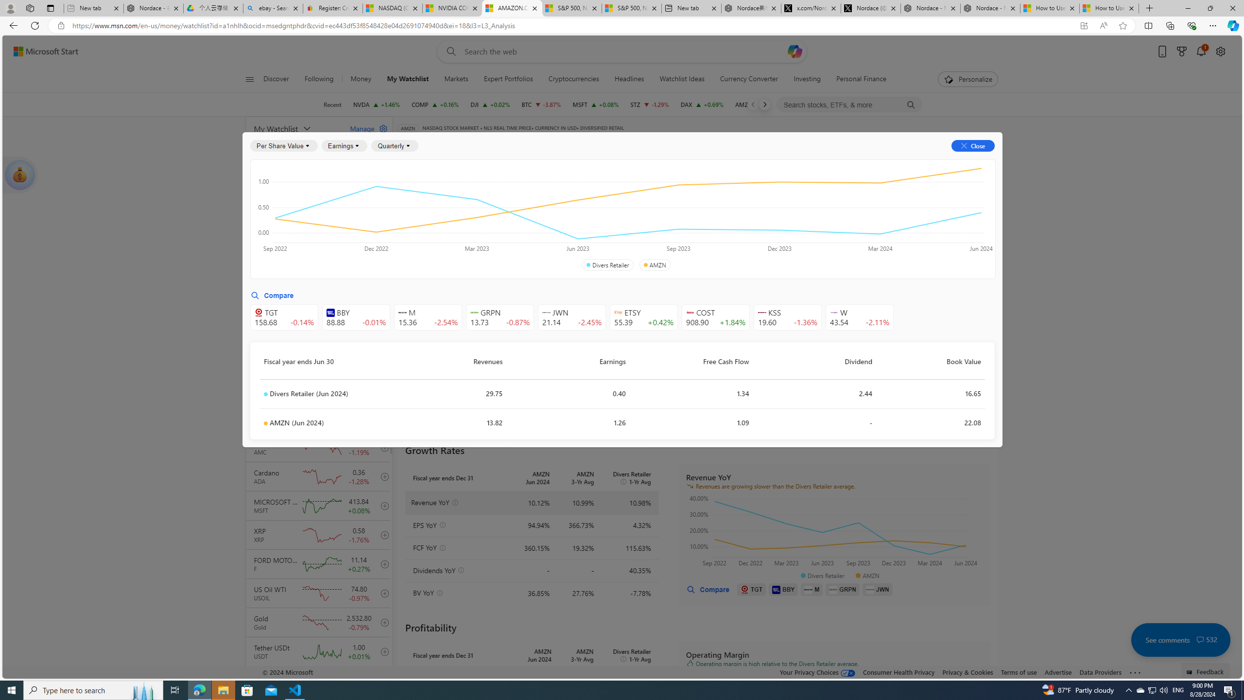 Image resolution: width=1244 pixels, height=700 pixels. Describe the element at coordinates (749, 79) in the screenshot. I see `'Currency Converter'` at that location.